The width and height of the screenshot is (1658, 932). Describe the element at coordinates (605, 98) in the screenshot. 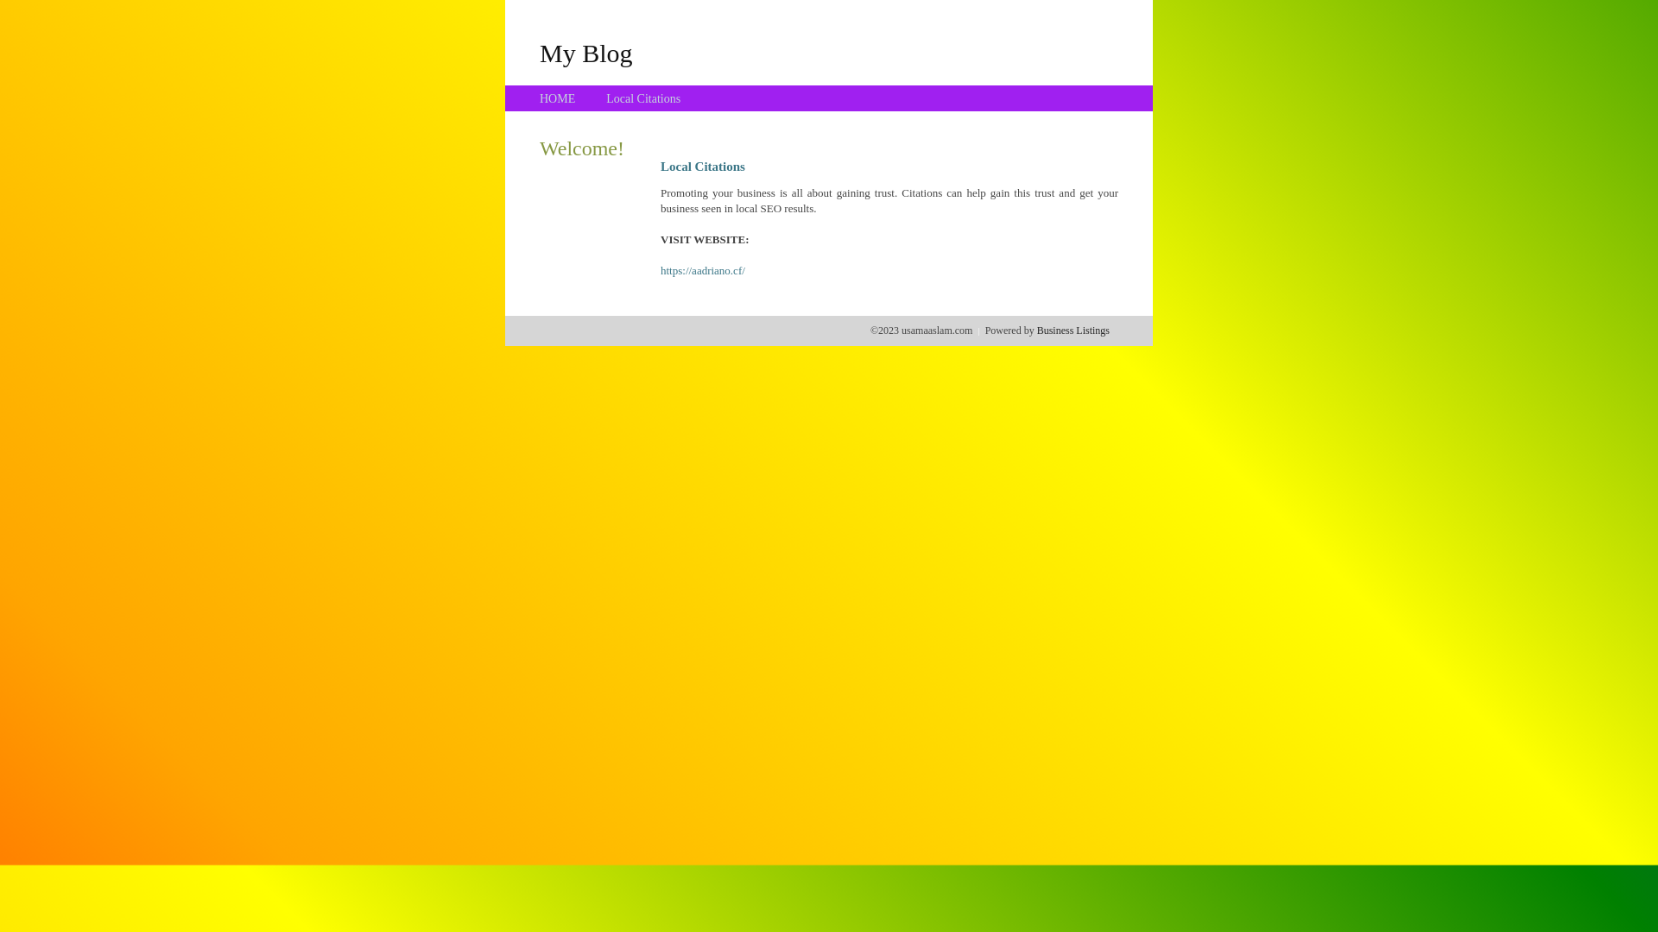

I see `'Local Citations'` at that location.